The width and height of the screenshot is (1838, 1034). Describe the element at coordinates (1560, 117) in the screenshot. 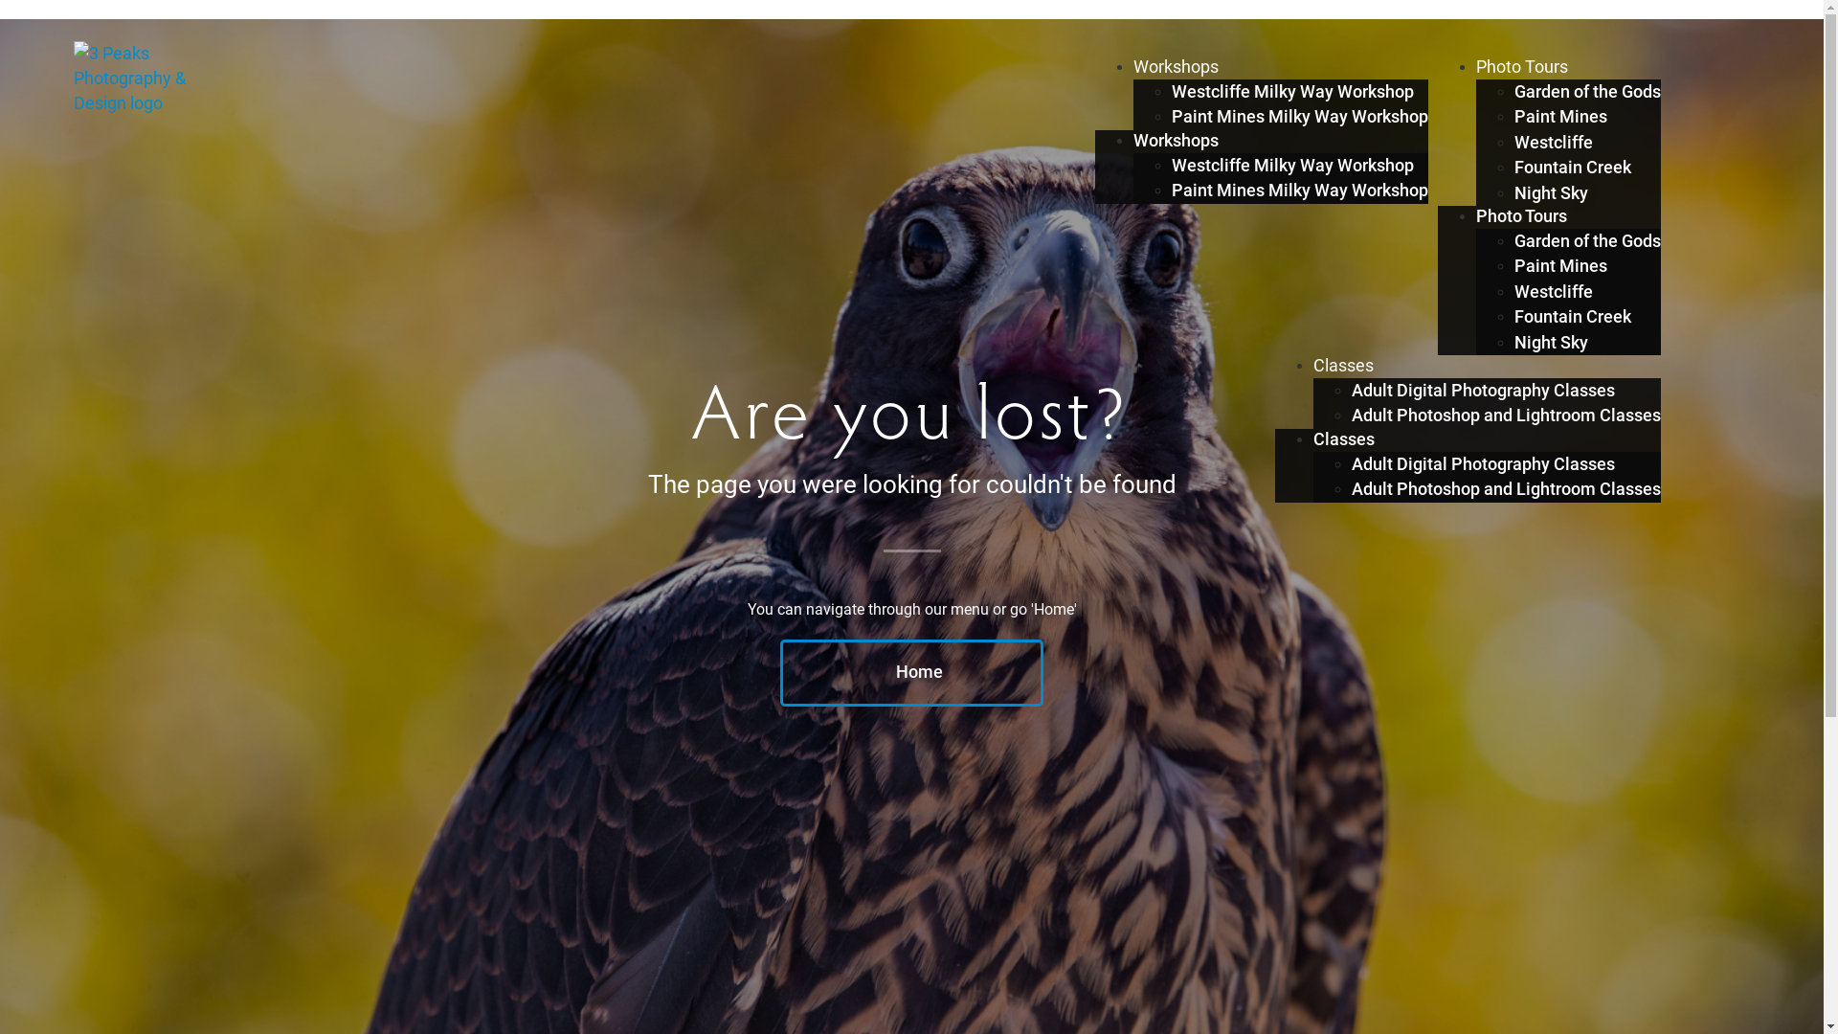

I see `'Paint Mines'` at that location.